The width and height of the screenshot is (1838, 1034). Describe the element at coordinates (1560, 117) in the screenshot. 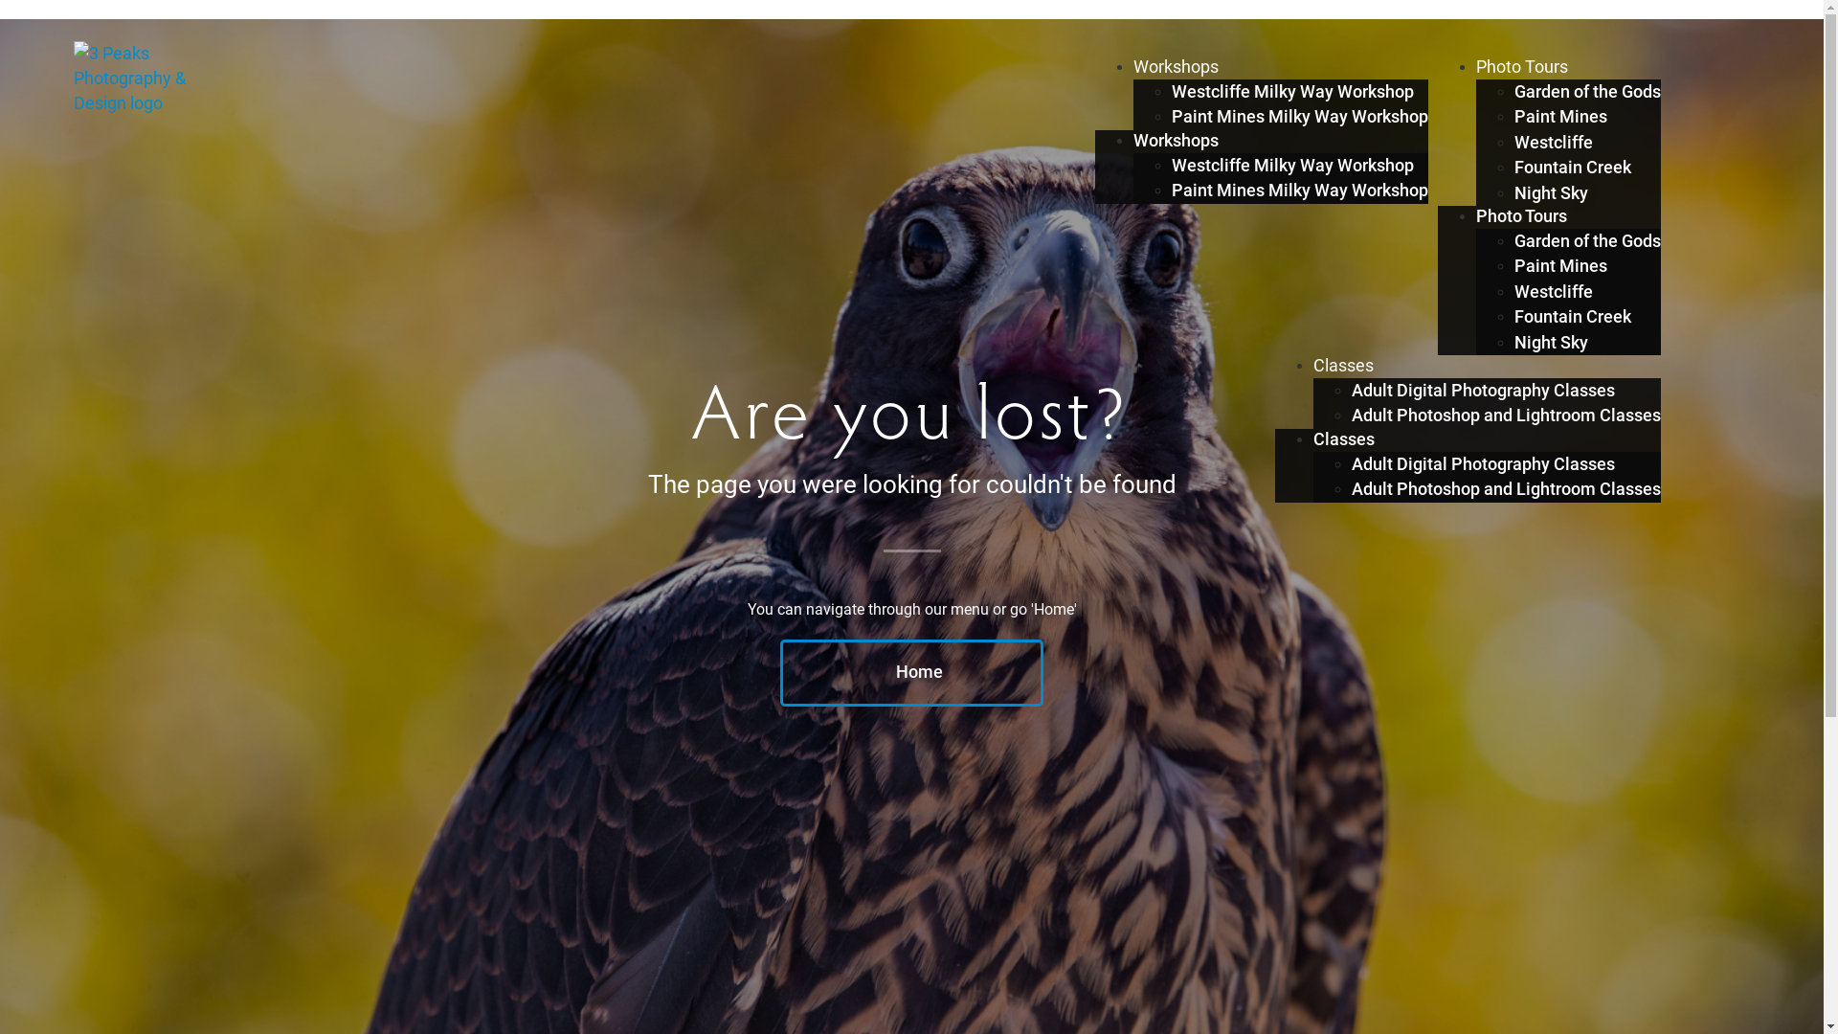

I see `'Paint Mines'` at that location.